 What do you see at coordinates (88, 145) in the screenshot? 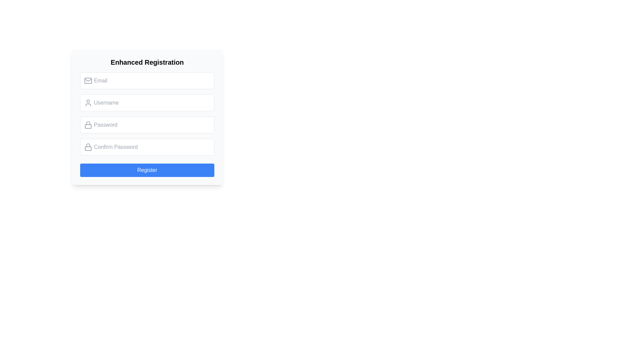
I see `the lock icon indicating the password input field for 'Confirm Password', which is positioned on the left side of the input field` at bounding box center [88, 145].